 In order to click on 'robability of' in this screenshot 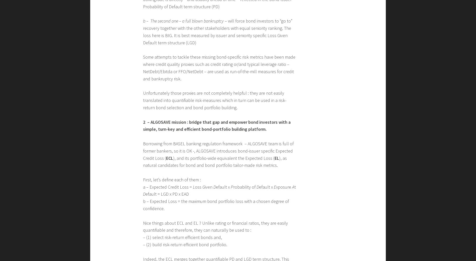, I will do `click(245, 186)`.